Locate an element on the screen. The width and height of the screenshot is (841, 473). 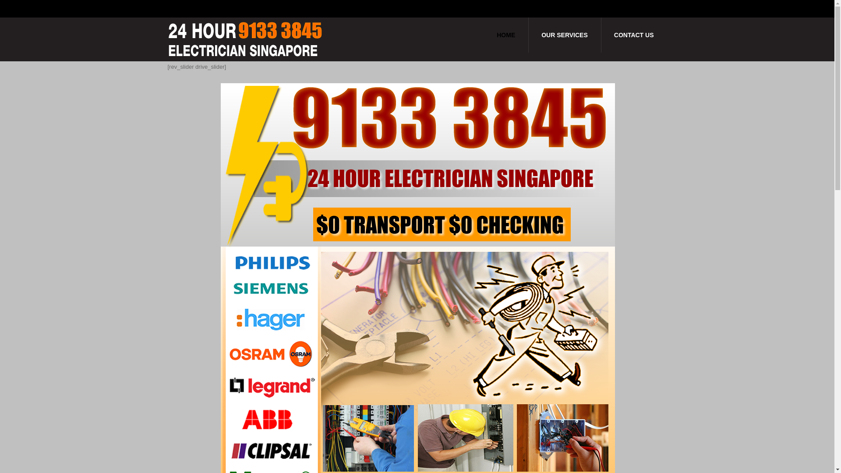
'OUR SERVICES' is located at coordinates (565, 35).